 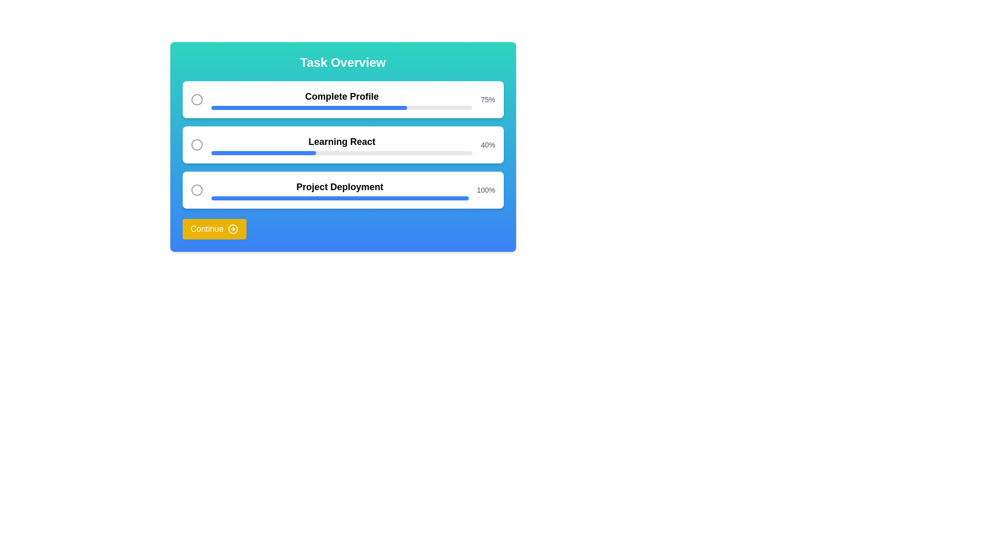 What do you see at coordinates (263, 153) in the screenshot?
I see `the fill of the progress bar segment corresponding to the task 'Learning React', which indicates a progress value of 40%` at bounding box center [263, 153].